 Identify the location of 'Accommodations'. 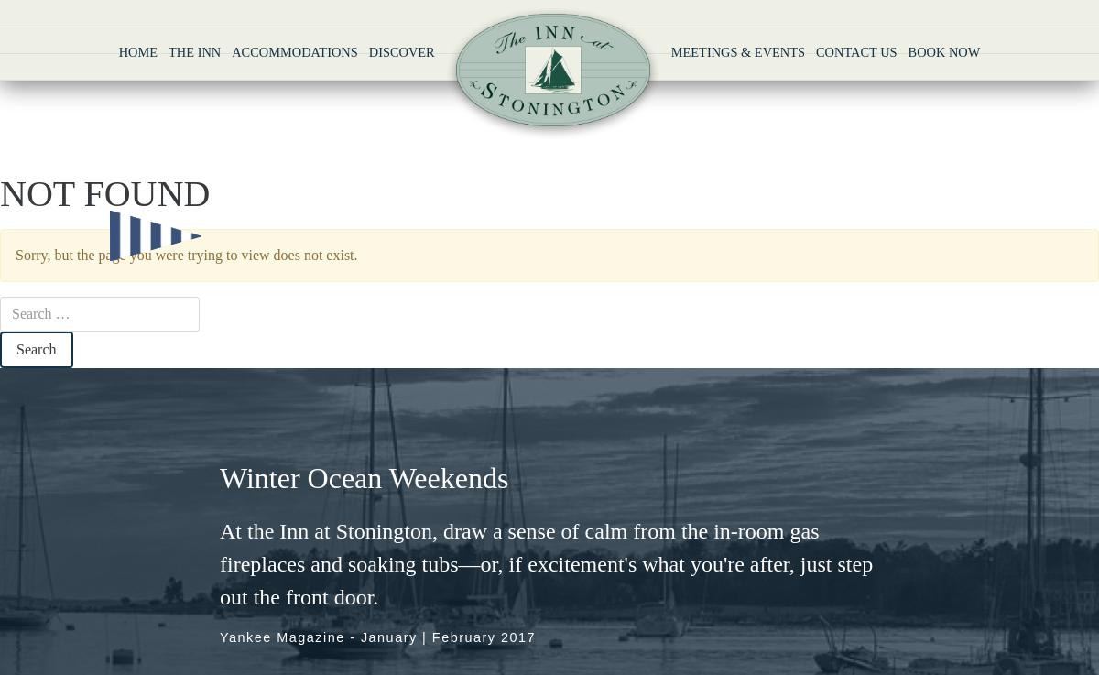
(294, 51).